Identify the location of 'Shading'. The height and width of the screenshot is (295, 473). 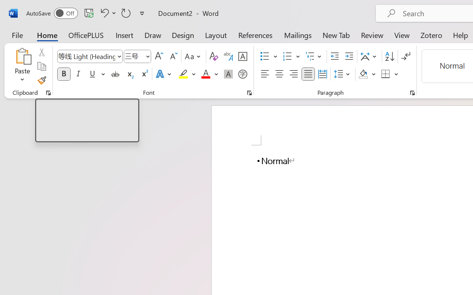
(367, 74).